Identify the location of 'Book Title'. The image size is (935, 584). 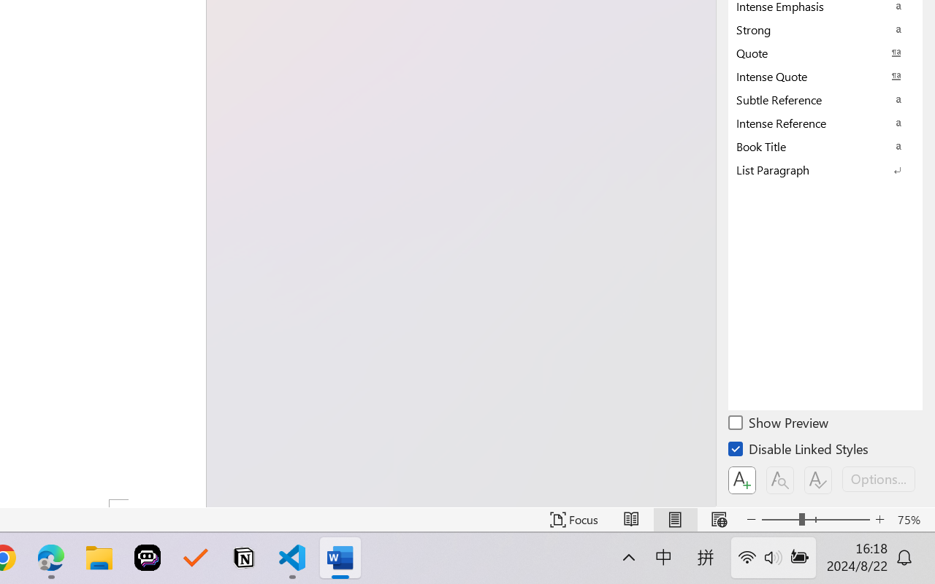
(825, 146).